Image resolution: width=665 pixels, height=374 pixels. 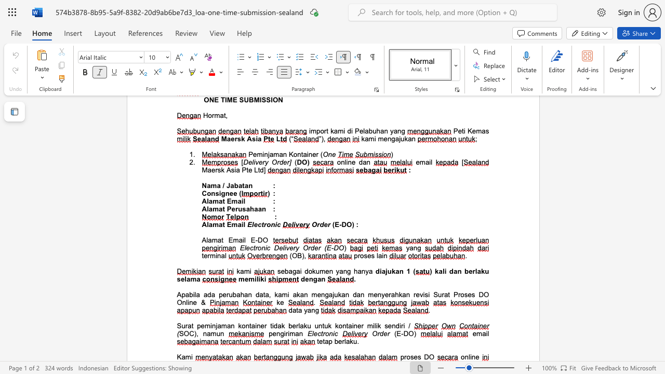 What do you see at coordinates (417, 356) in the screenshot?
I see `the space between the continuous character "e" and "s" in the text` at bounding box center [417, 356].